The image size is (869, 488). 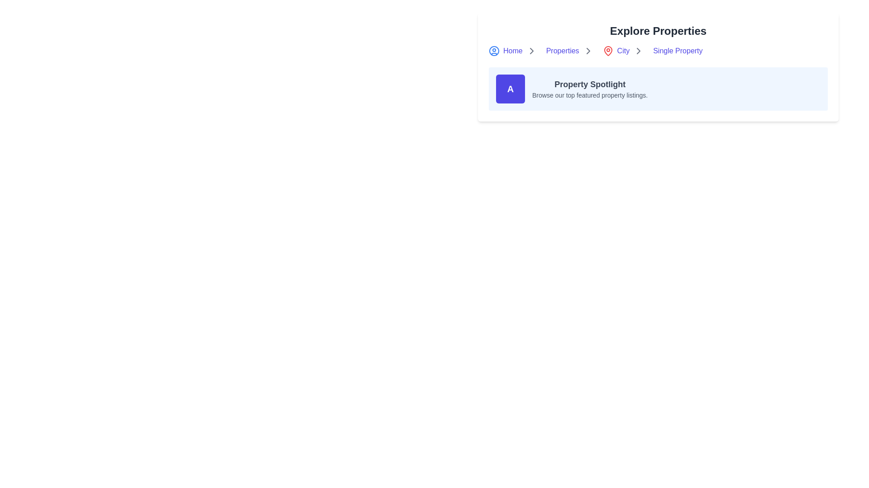 I want to click on the visual separator icon in the breadcrumb navigation bar located between the 'Properties' and 'City' labels, so click(x=531, y=51).